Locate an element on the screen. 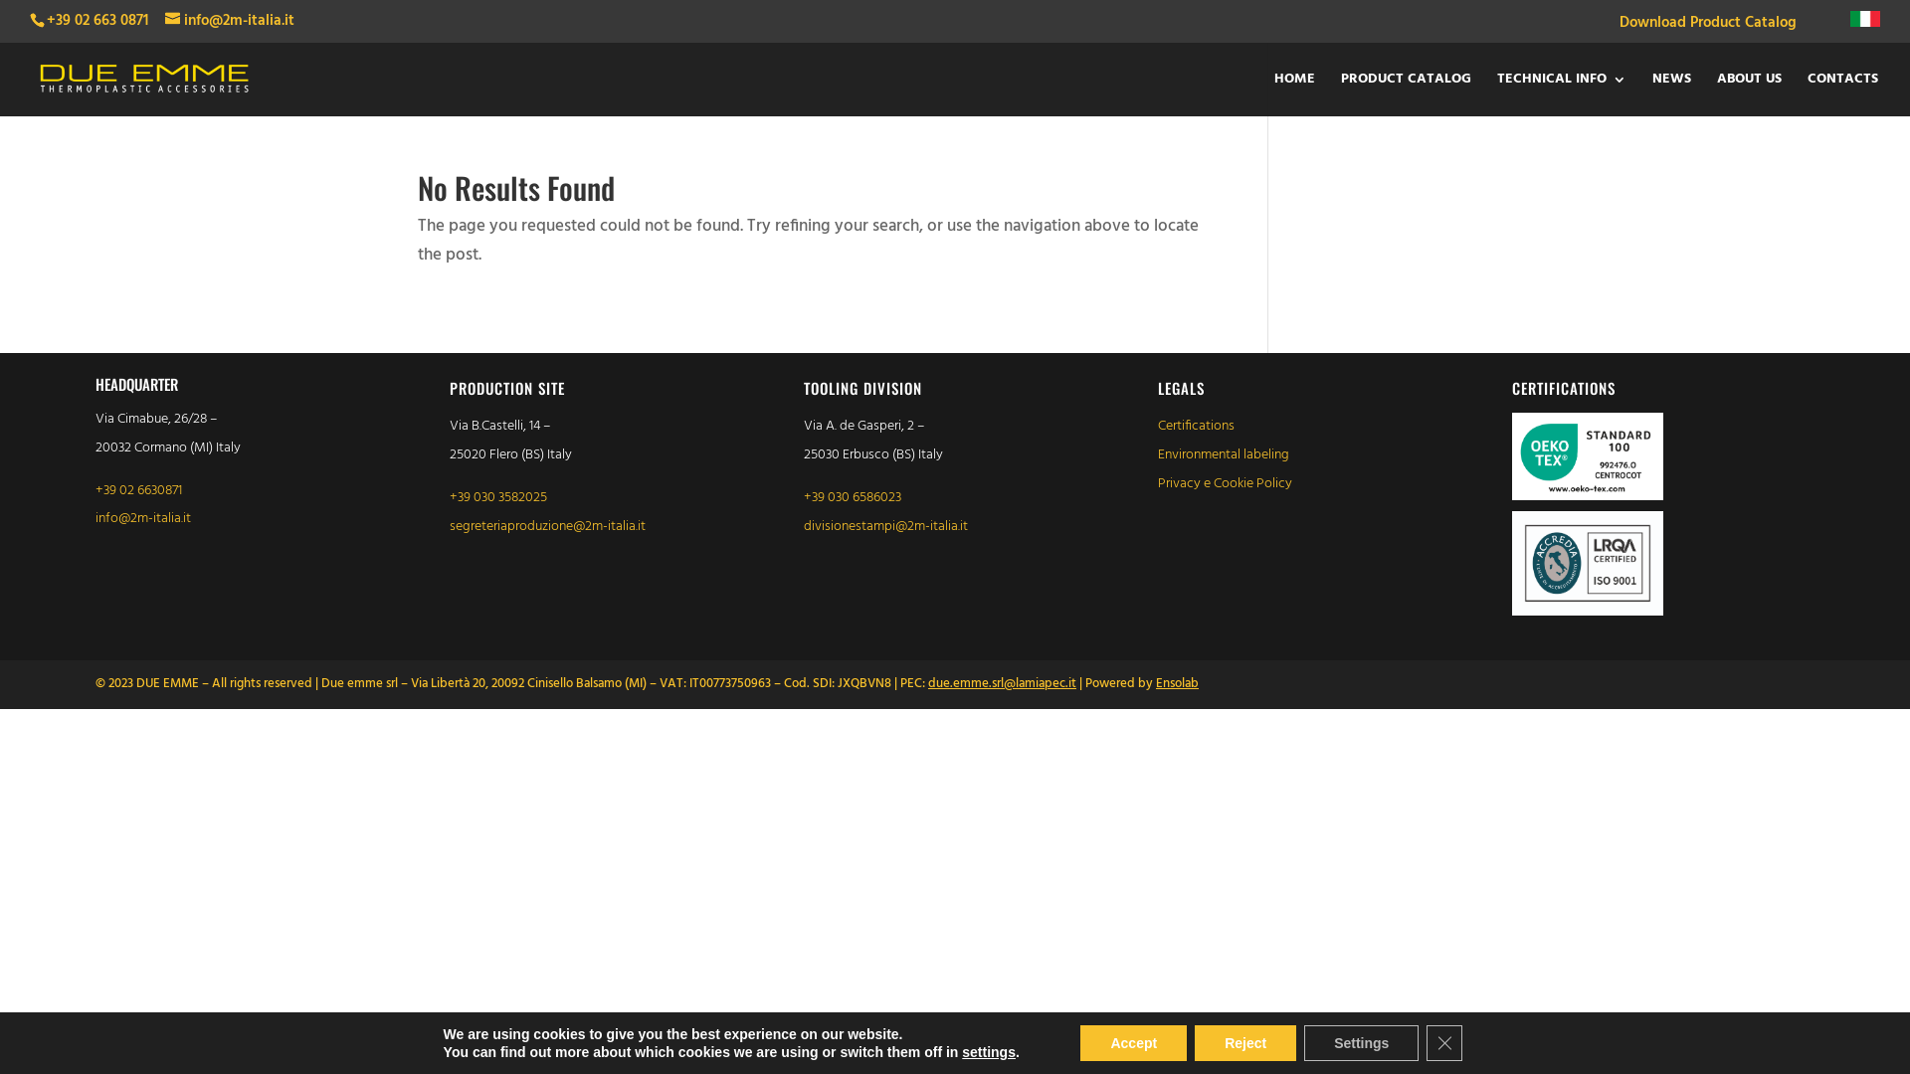  'Ensolab' is located at coordinates (1177, 682).